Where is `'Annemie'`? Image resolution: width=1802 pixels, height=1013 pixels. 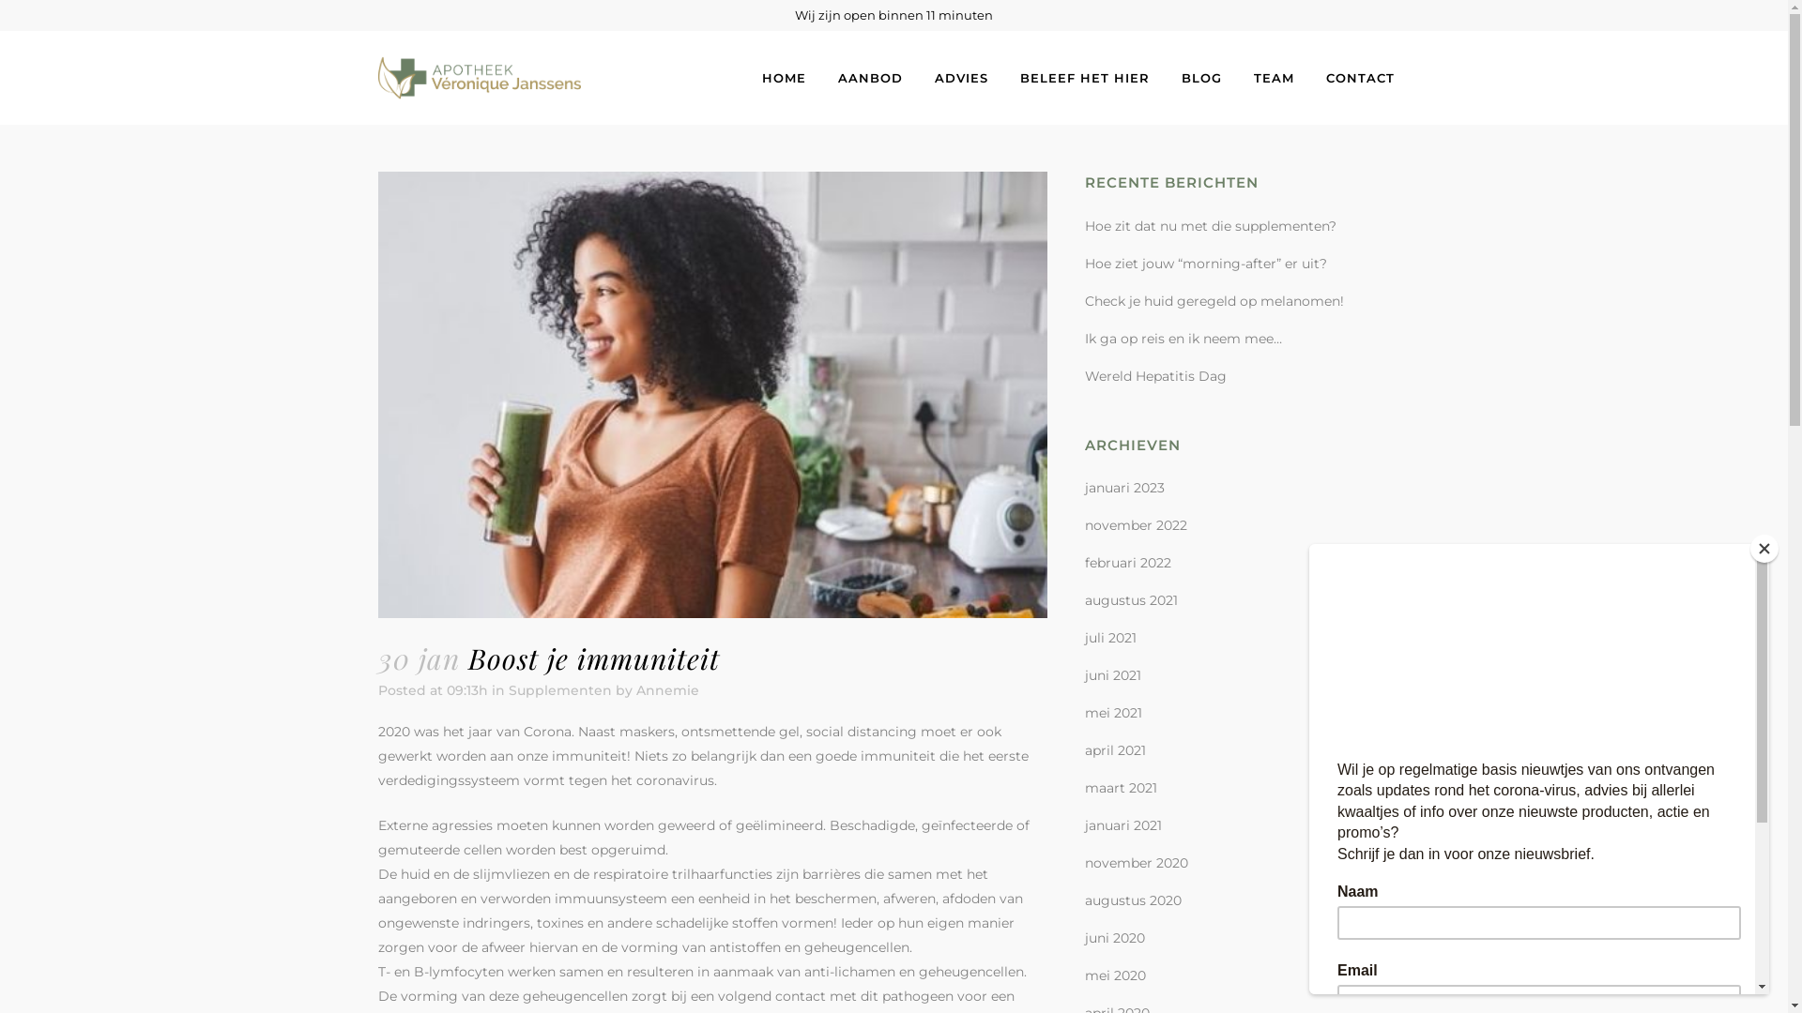
'Annemie' is located at coordinates (667, 690).